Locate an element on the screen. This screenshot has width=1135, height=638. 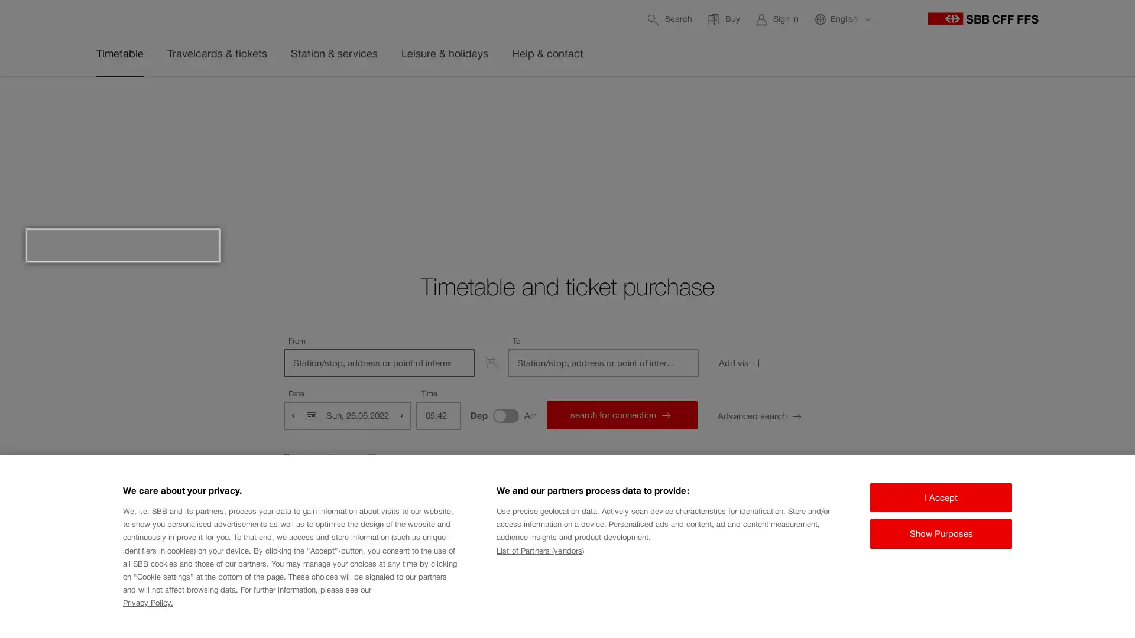
Close active menu item Timetable. is located at coordinates (1052, 104).